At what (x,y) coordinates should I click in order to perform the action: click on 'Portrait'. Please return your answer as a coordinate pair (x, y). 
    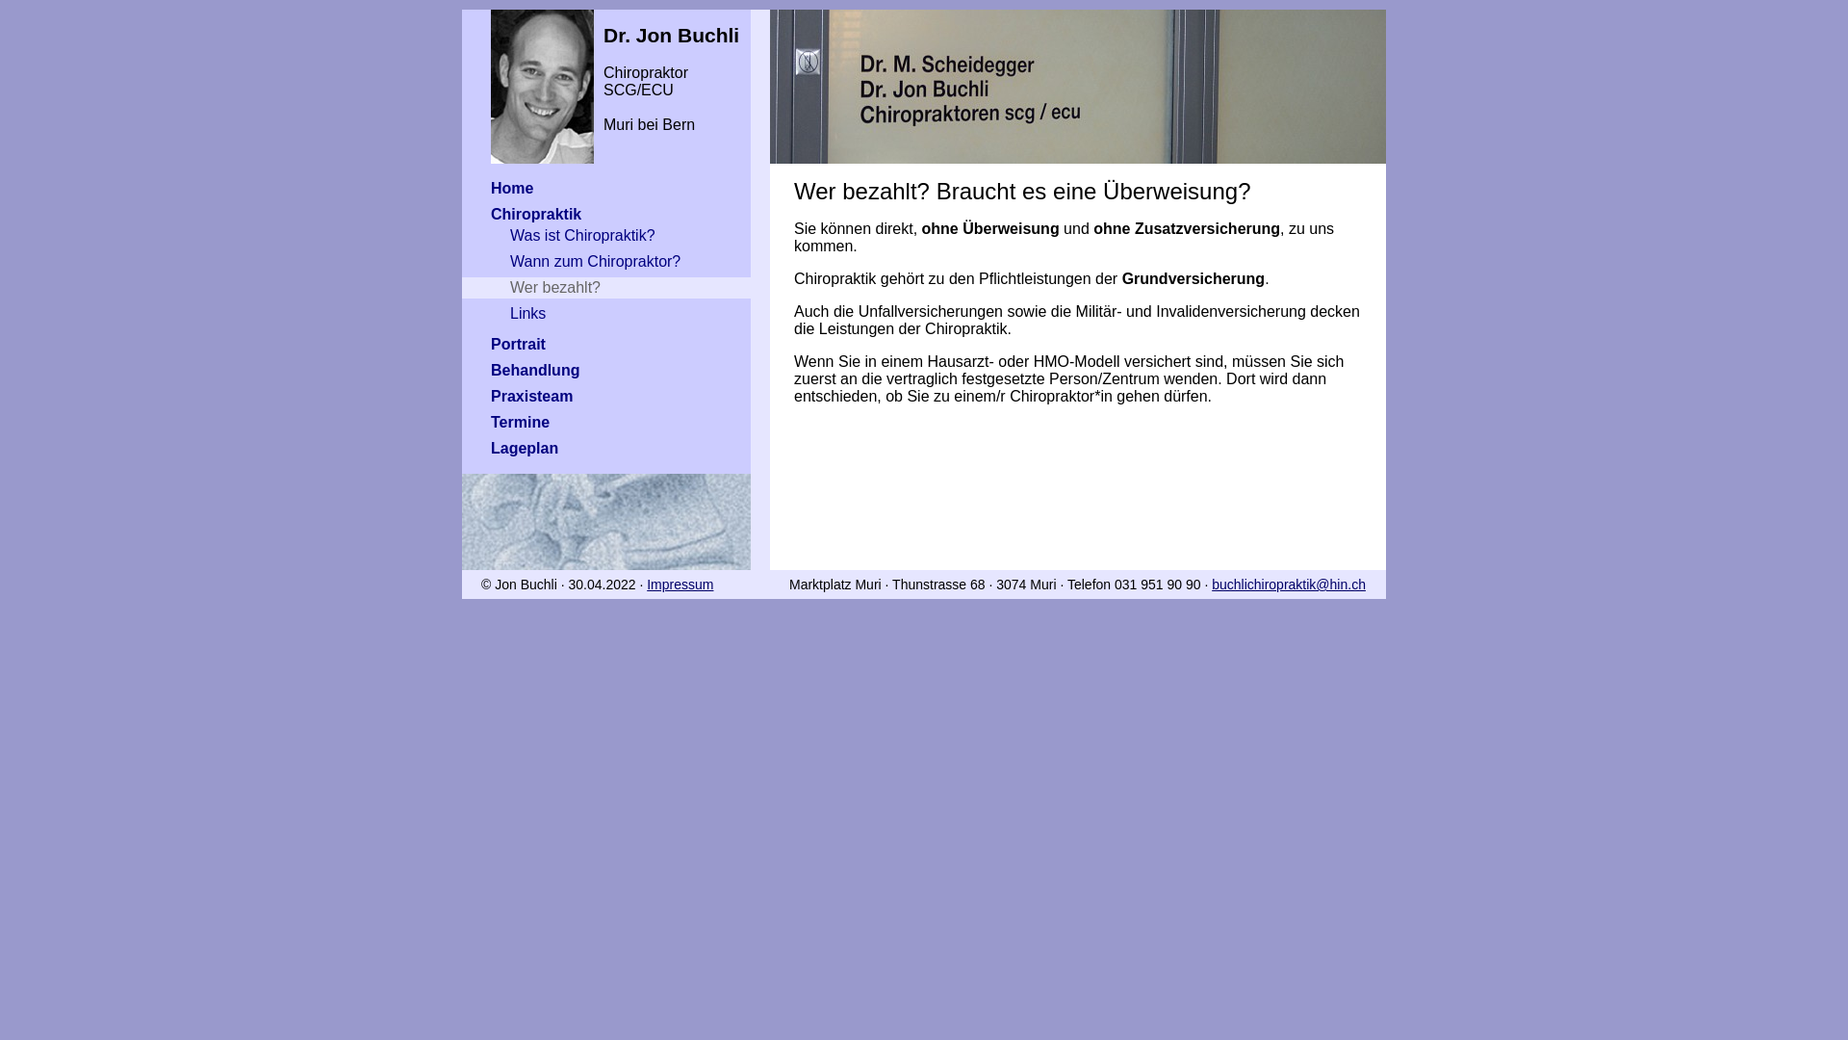
    Looking at the image, I should click on (604, 344).